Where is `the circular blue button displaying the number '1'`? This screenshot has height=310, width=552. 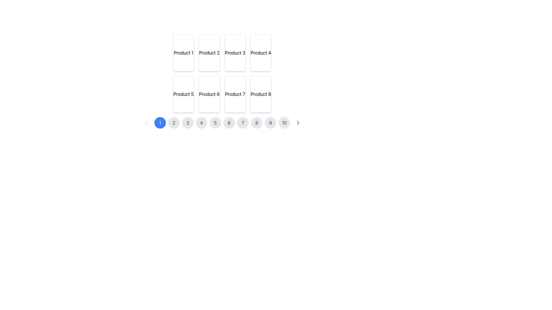
the circular blue button displaying the number '1' is located at coordinates (160, 123).